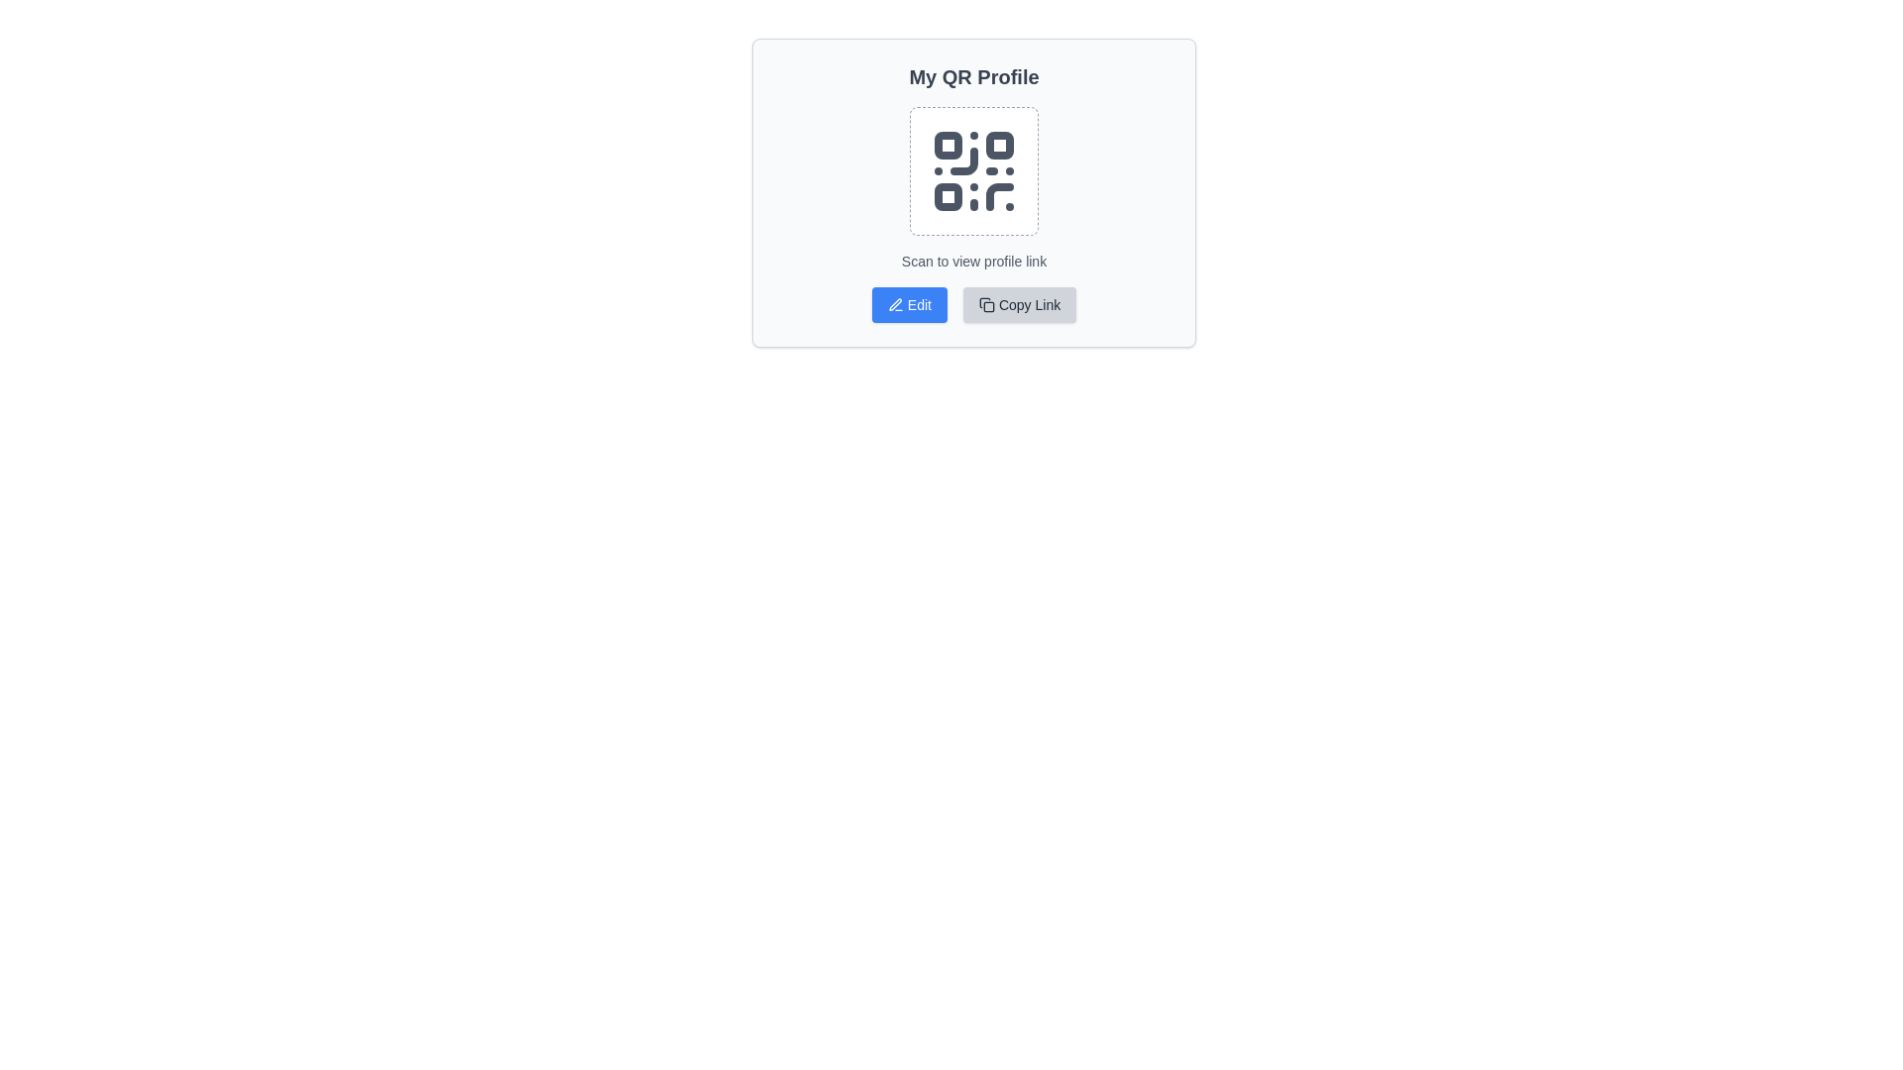  I want to click on the third square in the QR code graphic, located at the bottom-left corner relative to the central area of the QR code, so click(947, 197).